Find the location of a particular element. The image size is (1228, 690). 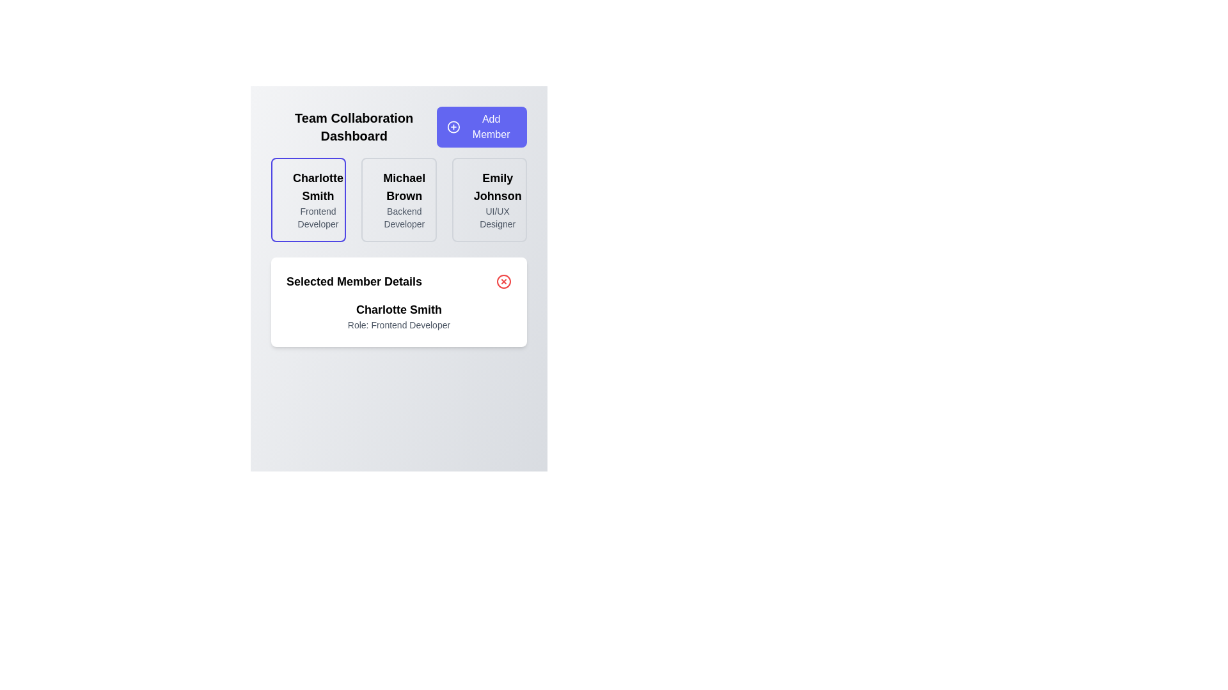

the name in the Text Display Component located in the leftmost card of the three cards in the grid is located at coordinates (308, 199).